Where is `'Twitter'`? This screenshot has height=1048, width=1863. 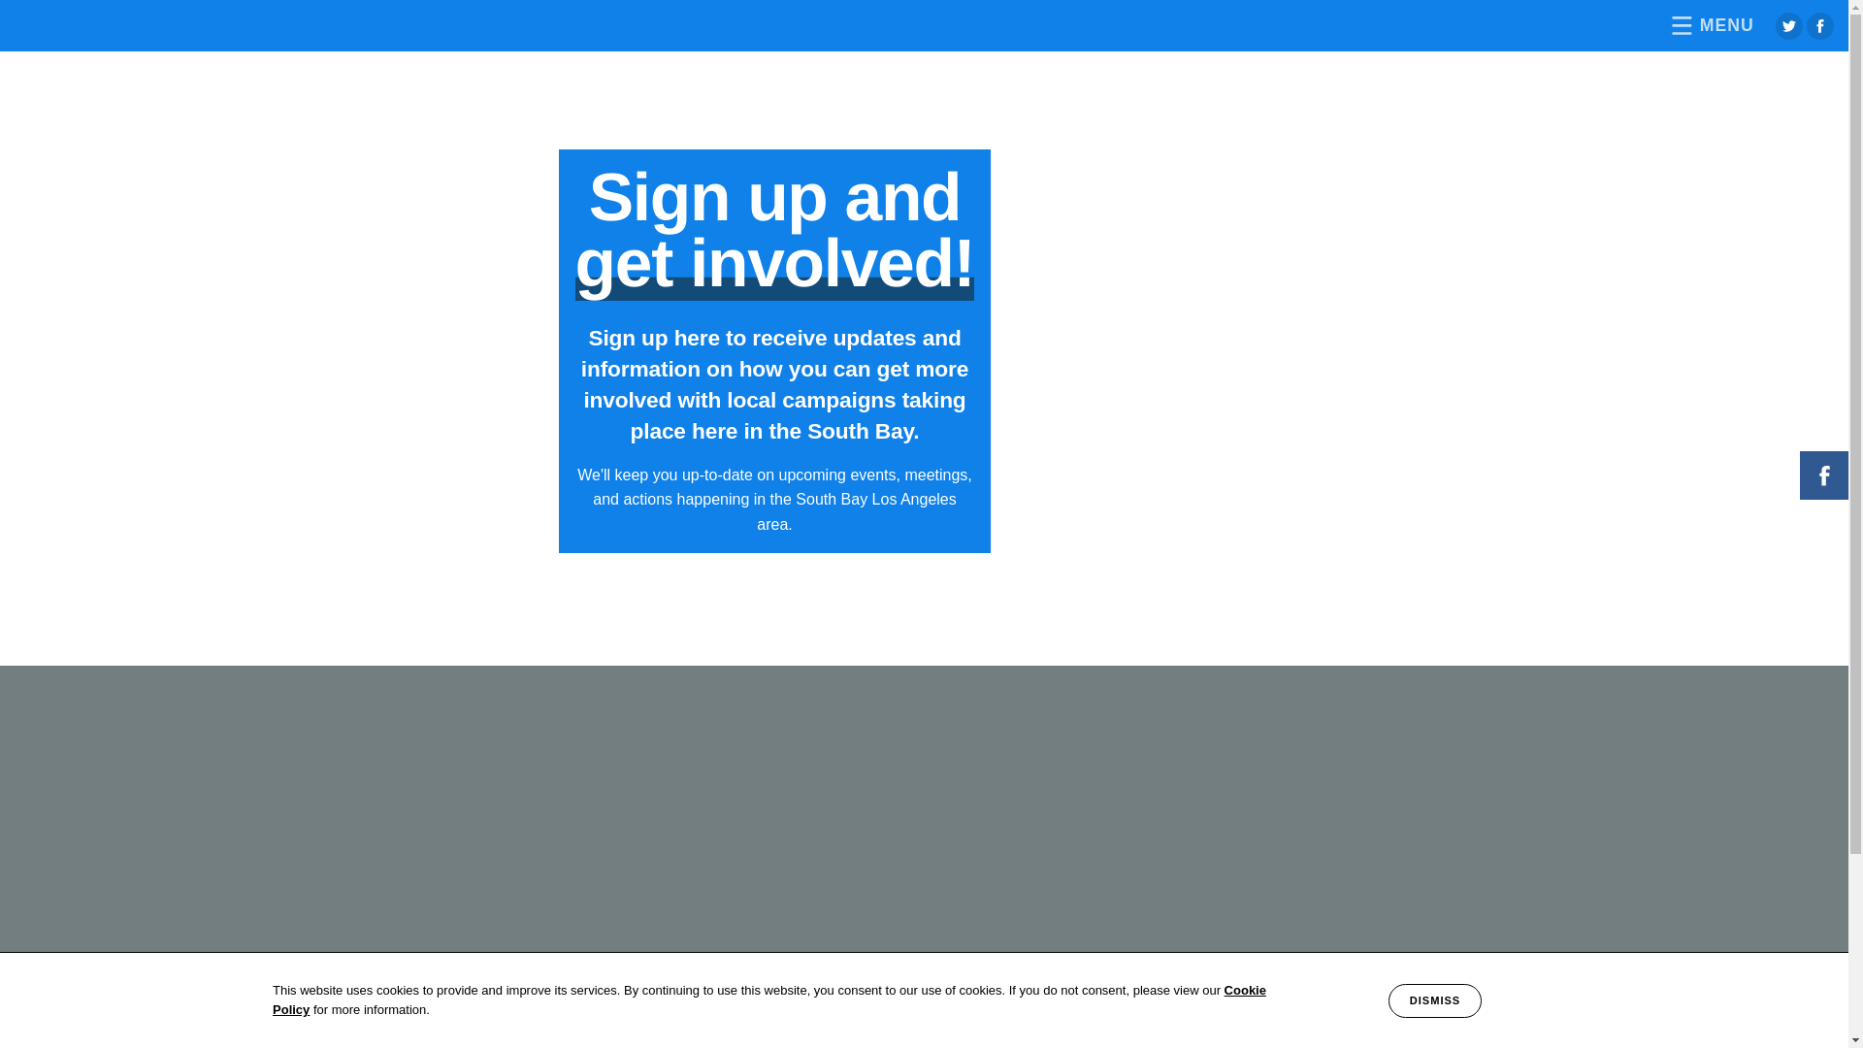 'Twitter' is located at coordinates (1787, 26).